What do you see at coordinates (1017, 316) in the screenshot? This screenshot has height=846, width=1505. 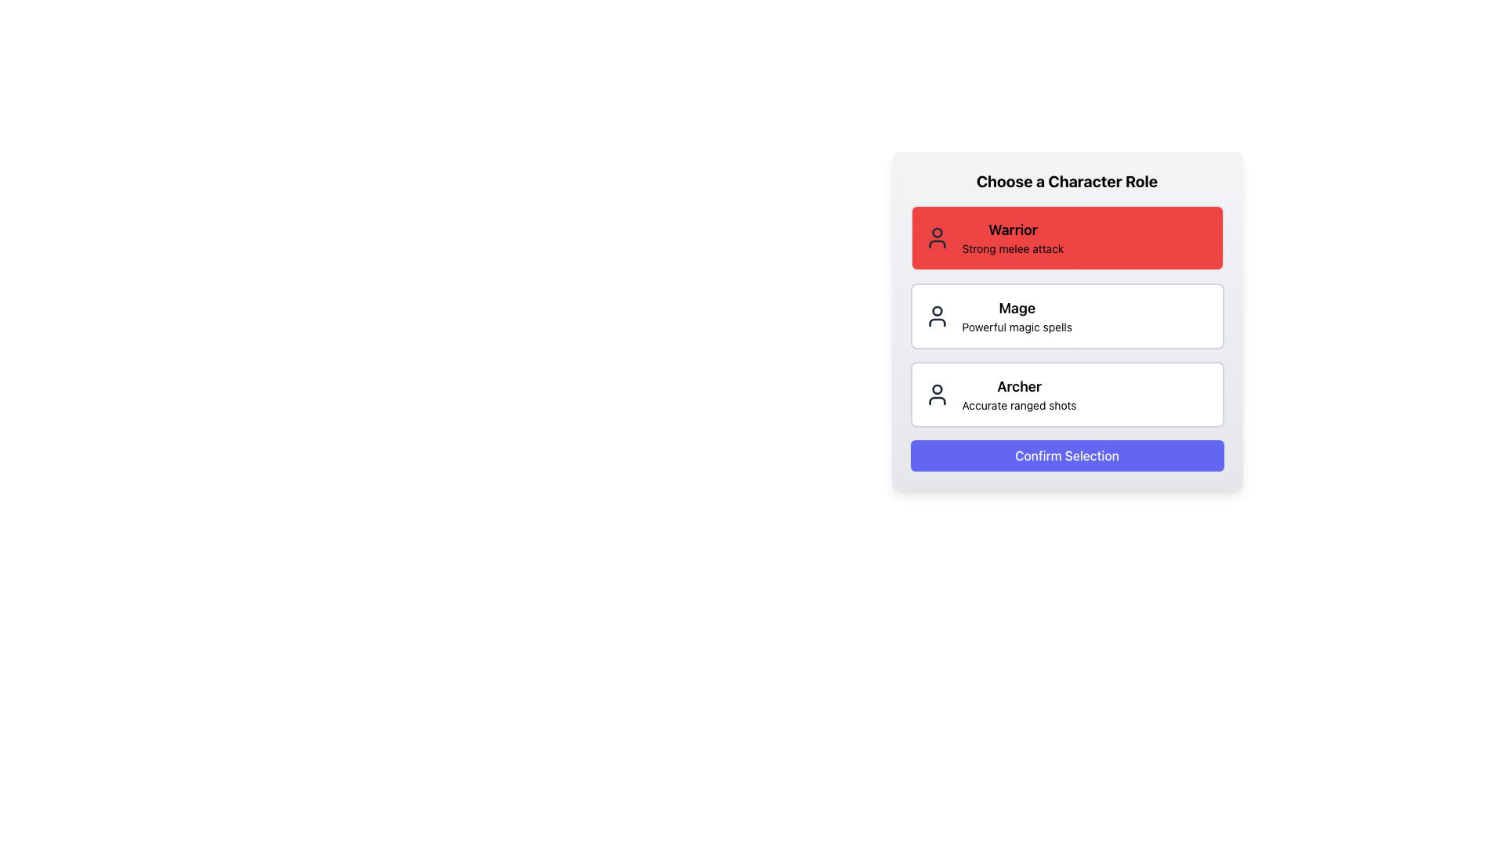 I see `the 'Mage' option card in the selection menu` at bounding box center [1017, 316].